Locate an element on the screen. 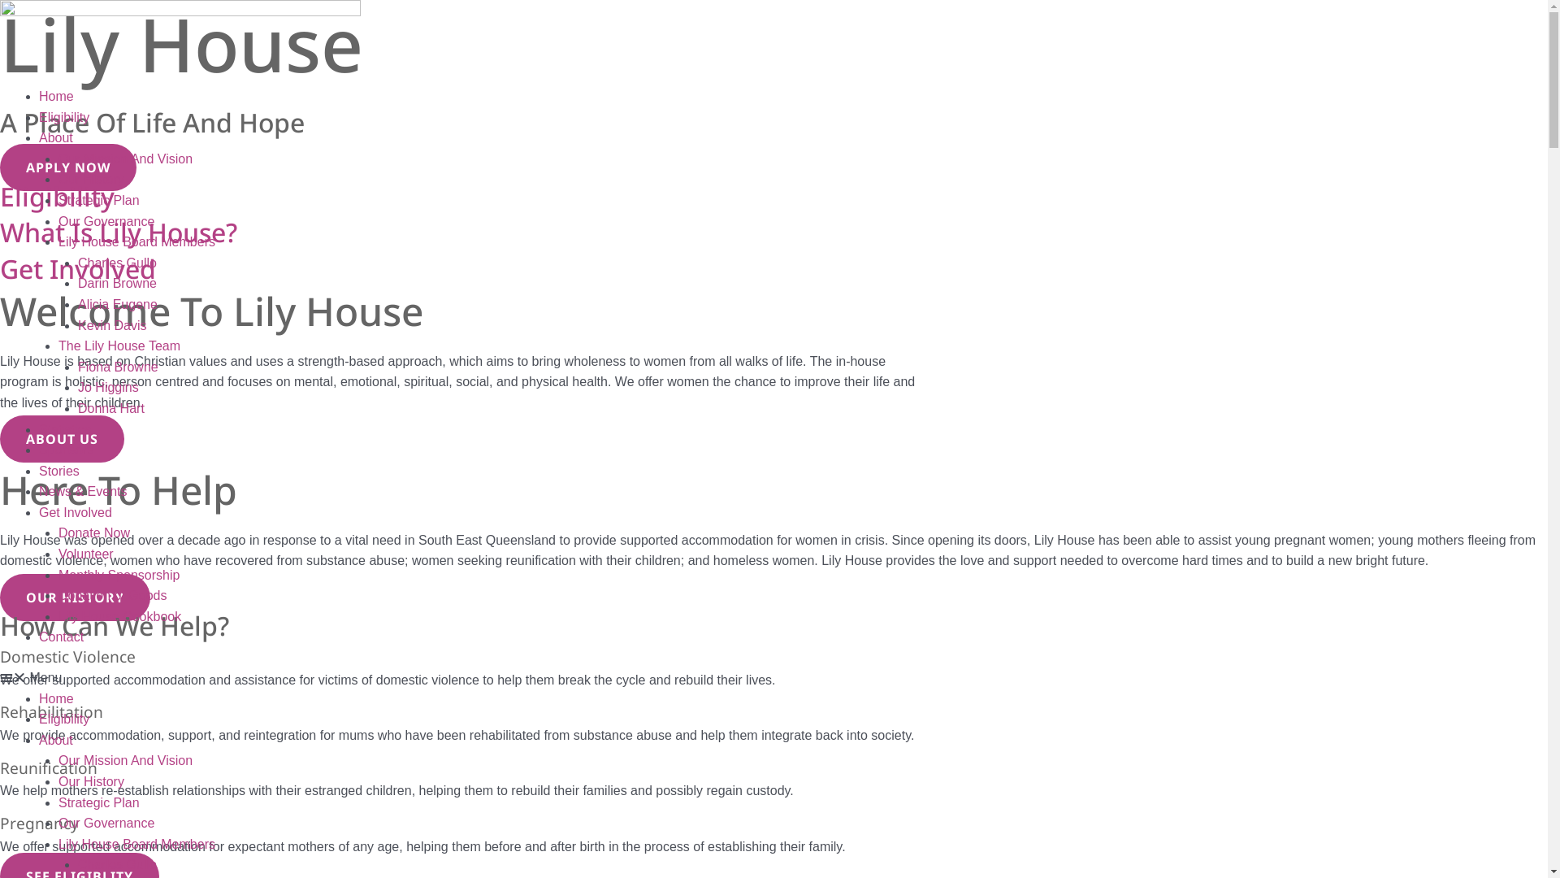 This screenshot has width=1560, height=878. 'Kevin Davis' is located at coordinates (111, 325).